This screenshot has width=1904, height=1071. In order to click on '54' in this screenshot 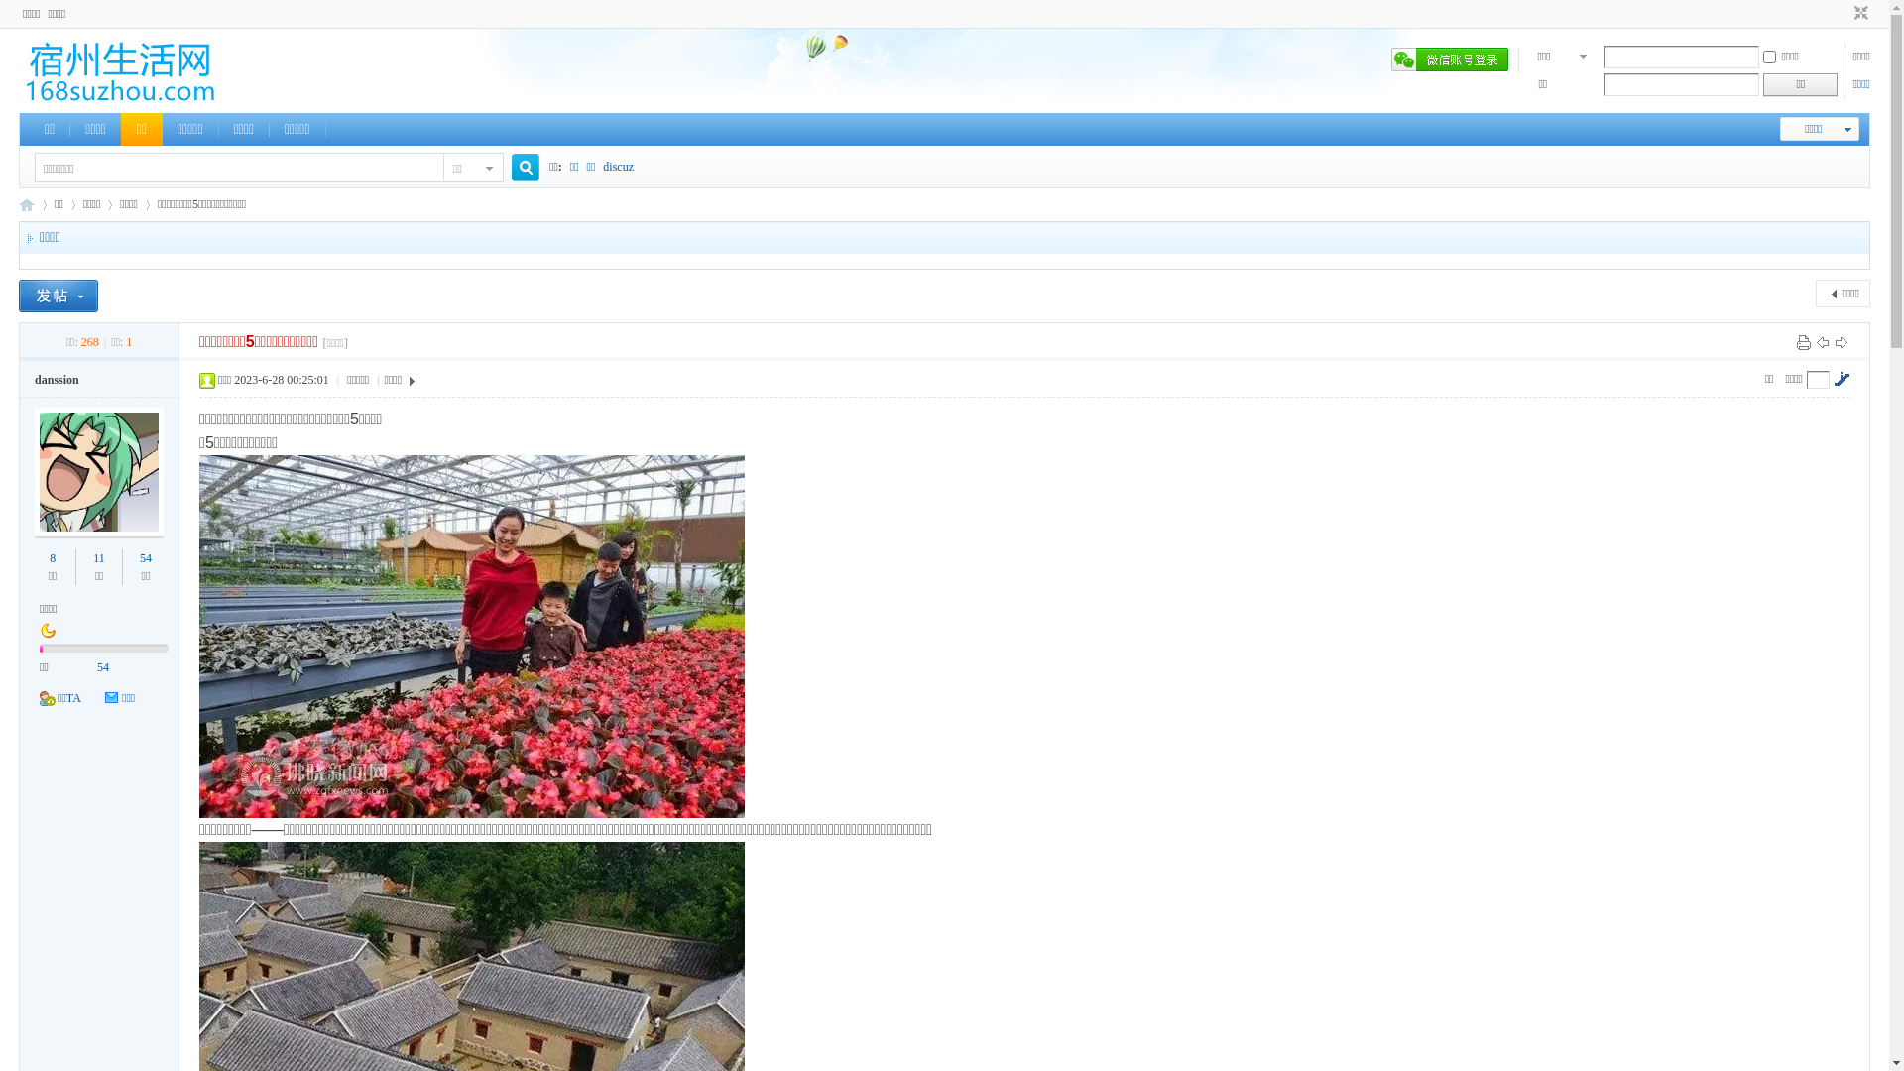, I will do `click(138, 558)`.